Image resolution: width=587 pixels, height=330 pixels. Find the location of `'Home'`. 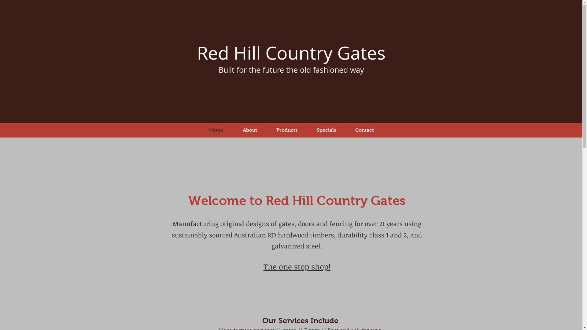

'Home' is located at coordinates (216, 130).